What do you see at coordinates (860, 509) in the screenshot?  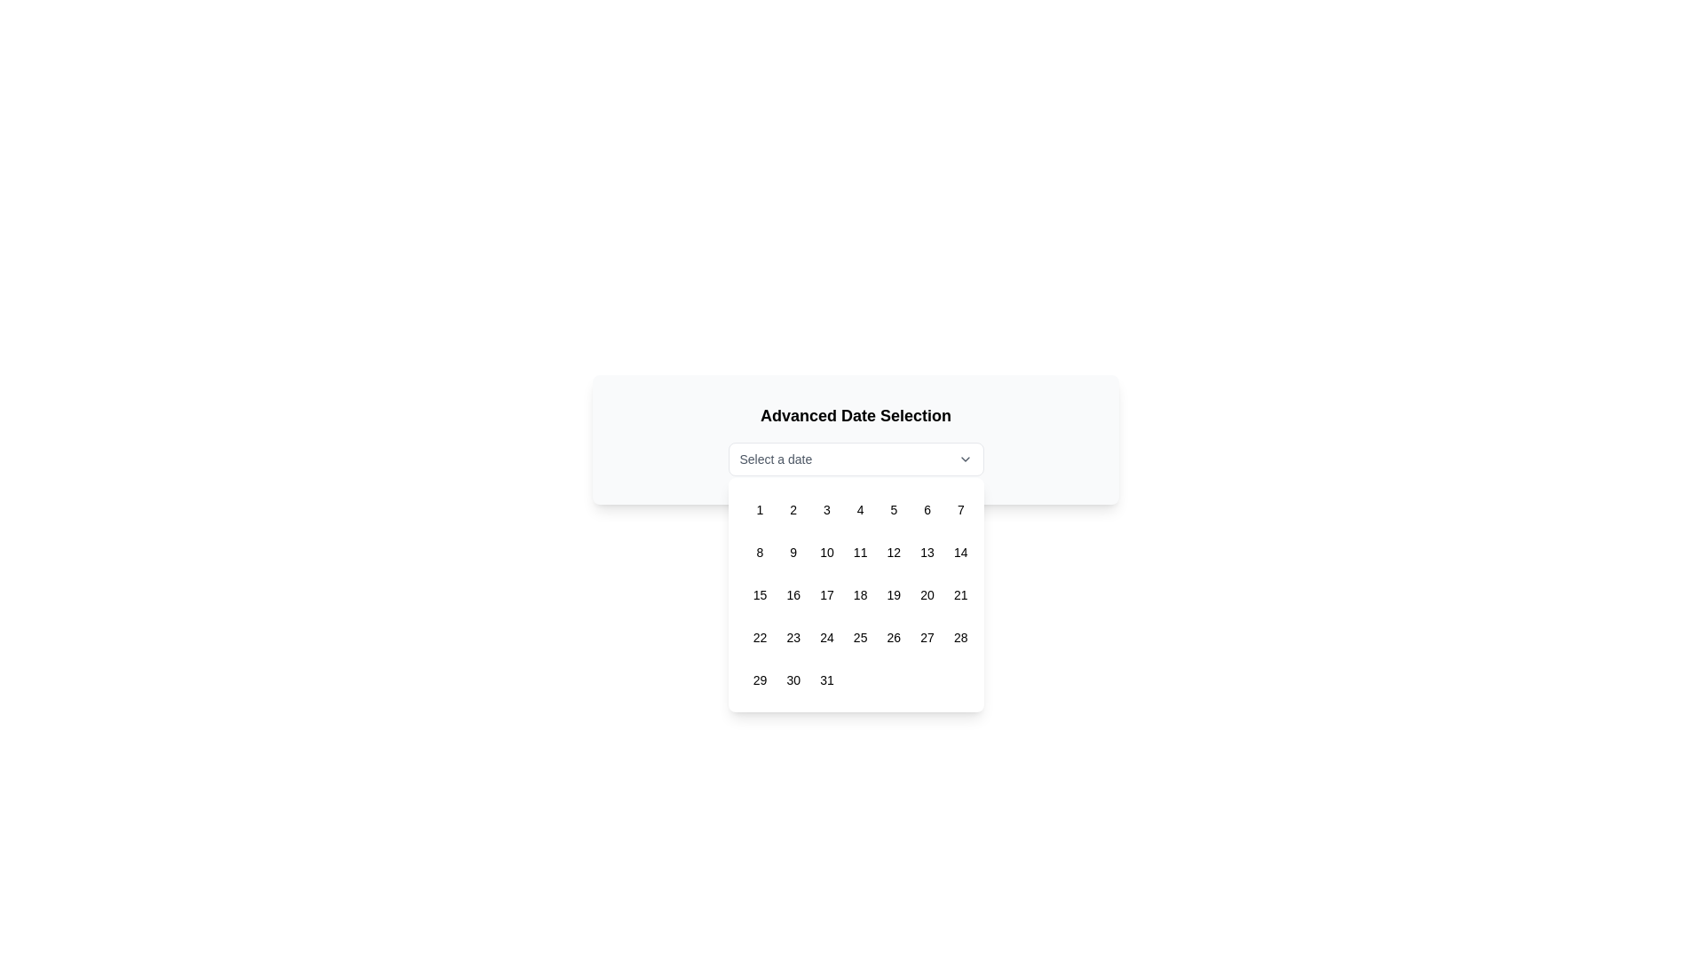 I see `the date selection button located in the first row, fourth position in the grid of buttons representing dates` at bounding box center [860, 509].